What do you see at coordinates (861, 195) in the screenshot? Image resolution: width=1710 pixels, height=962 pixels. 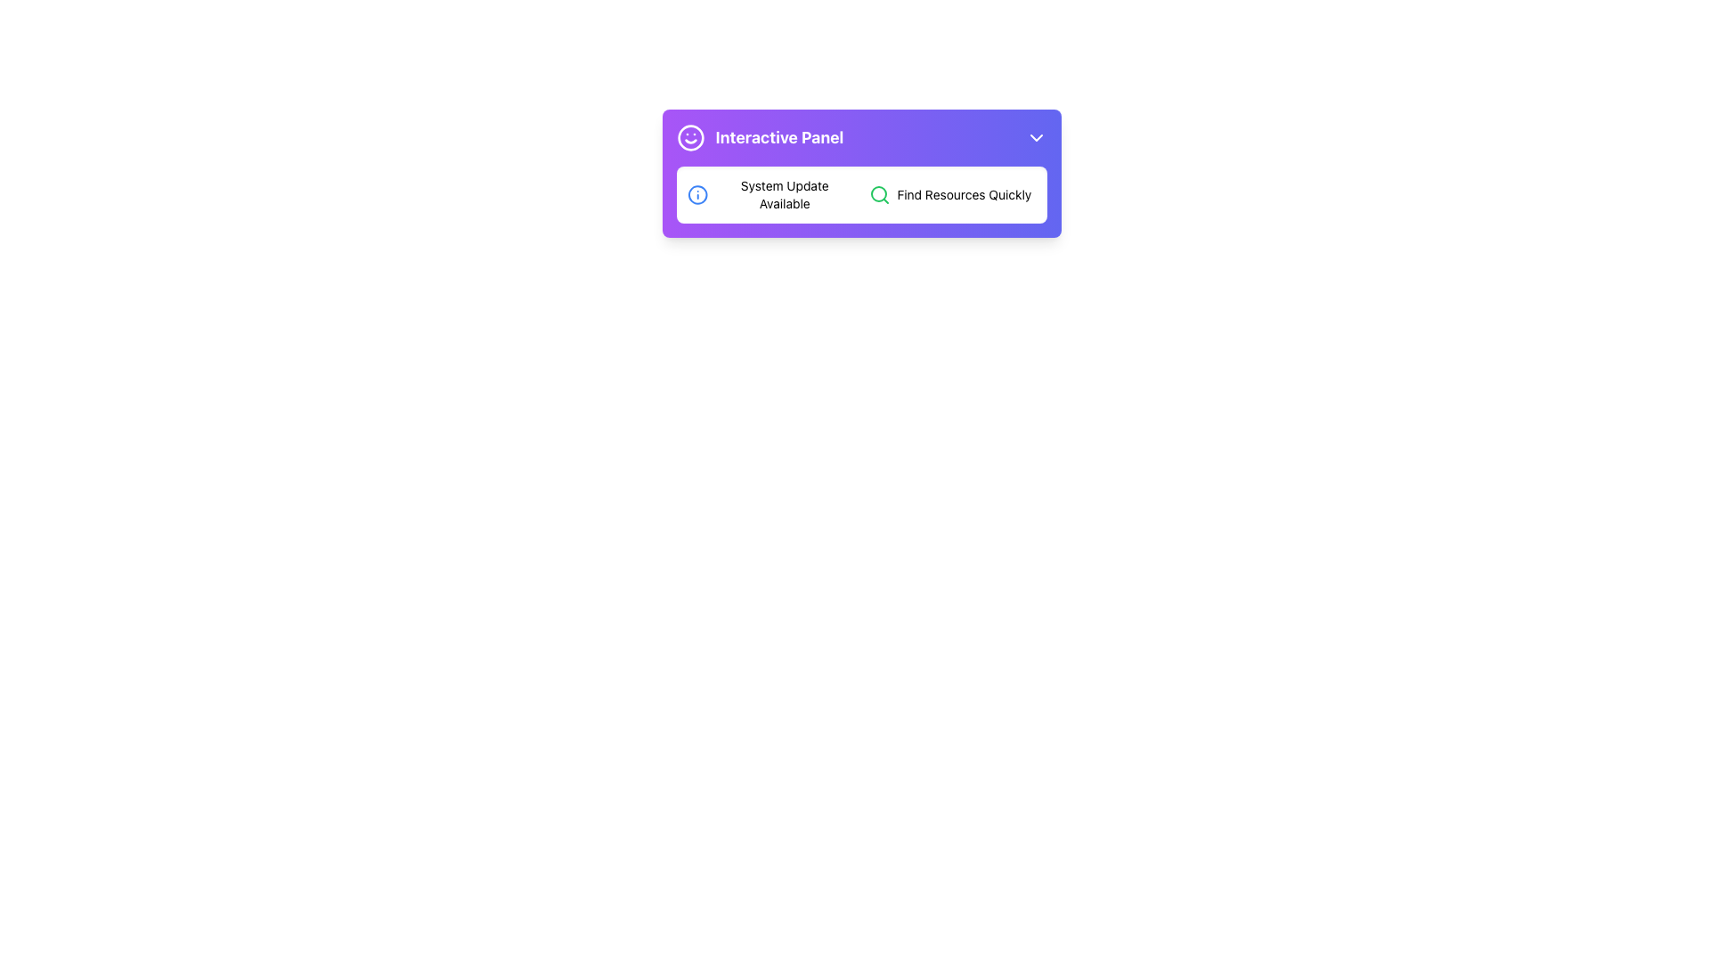 I see `the information icon and magnifying glass icon in the Information display` at bounding box center [861, 195].